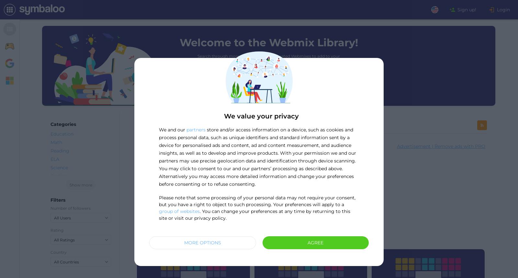  I want to click on 'Science', so click(59, 167).